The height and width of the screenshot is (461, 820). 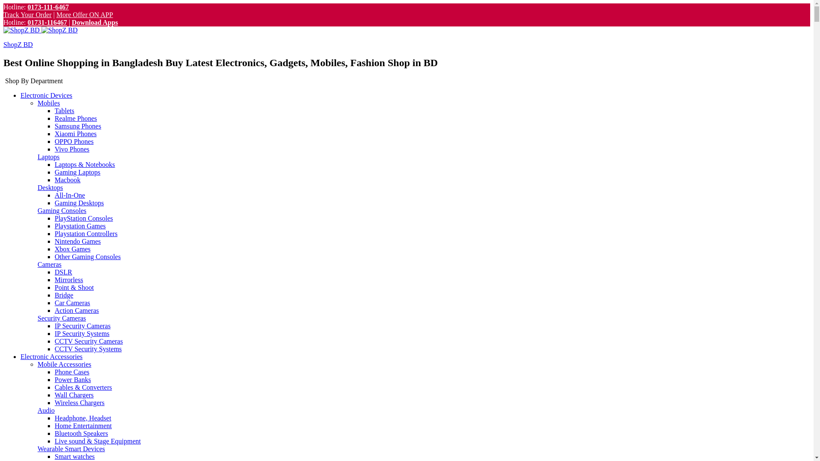 I want to click on 'Track Your Order', so click(x=27, y=15).